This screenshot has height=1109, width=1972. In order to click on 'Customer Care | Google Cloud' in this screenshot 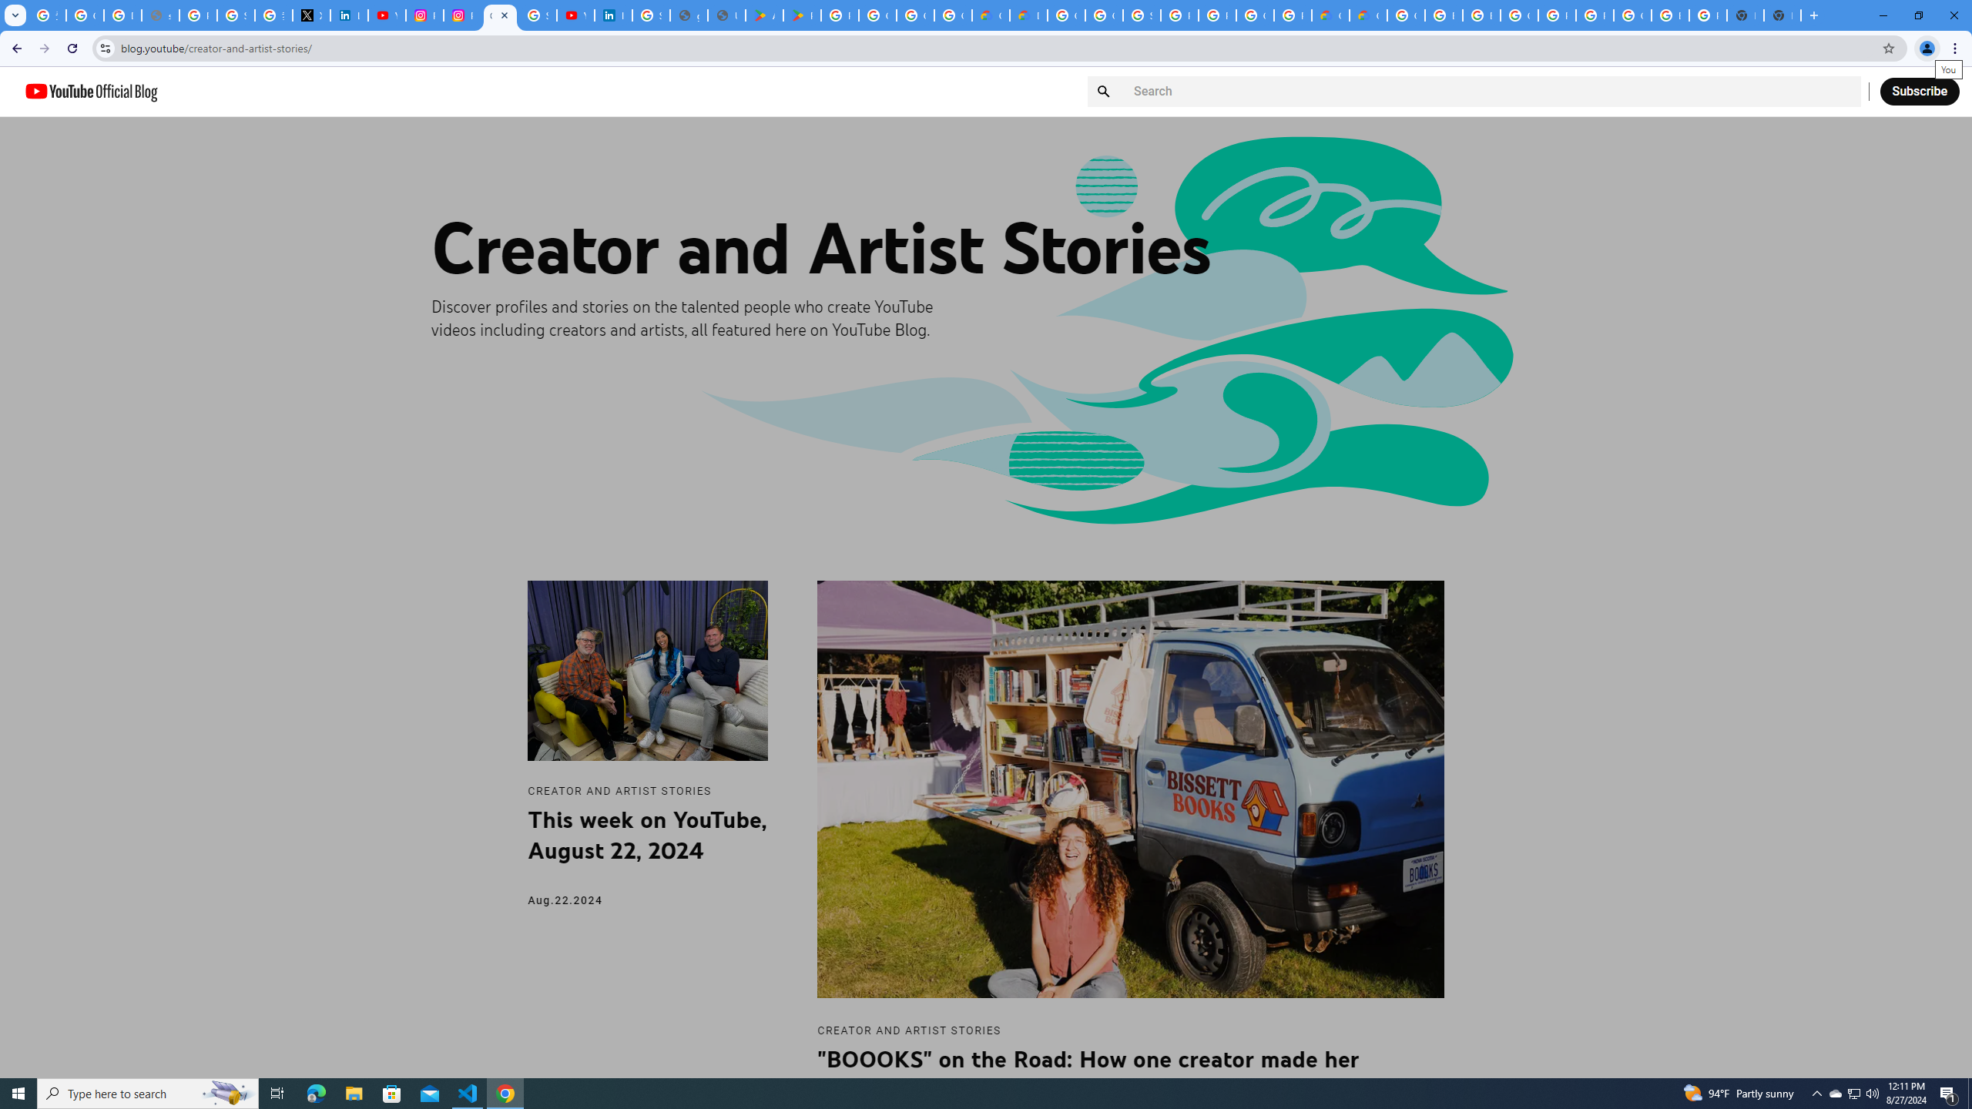, I will do `click(1331, 15)`.